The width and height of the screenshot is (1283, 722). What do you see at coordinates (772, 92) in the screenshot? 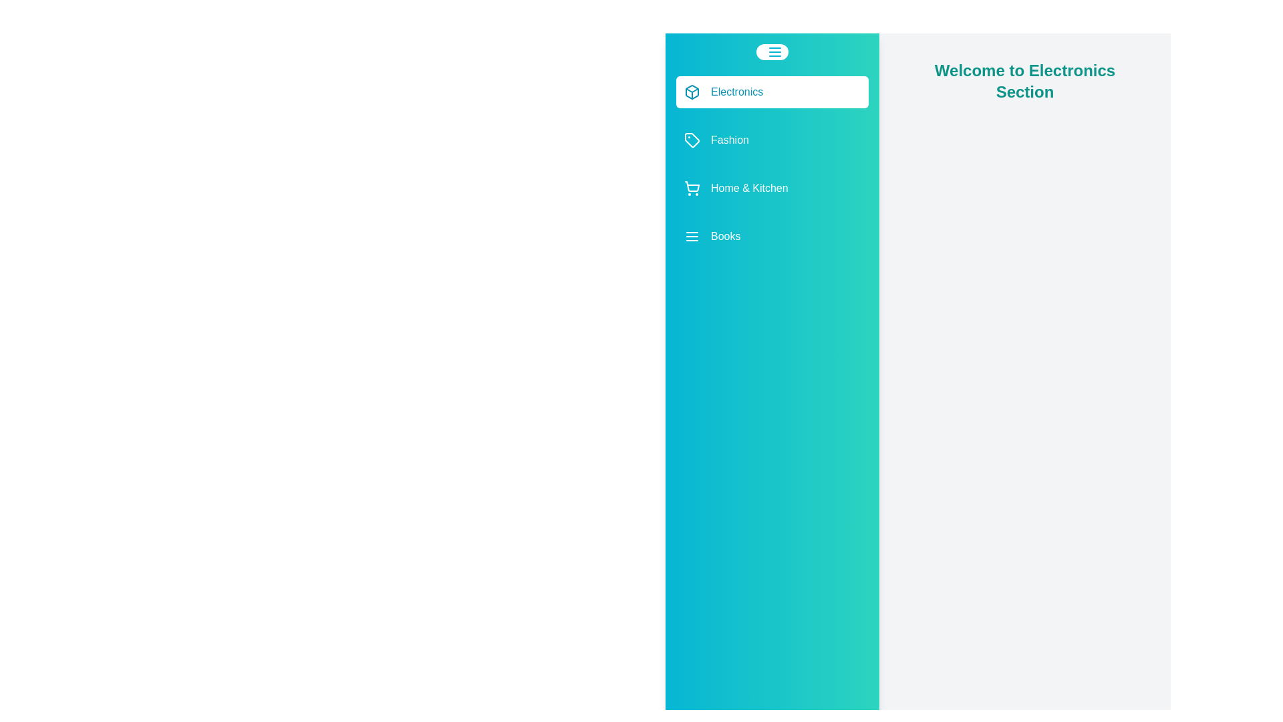
I see `the category Electronics in the list` at bounding box center [772, 92].